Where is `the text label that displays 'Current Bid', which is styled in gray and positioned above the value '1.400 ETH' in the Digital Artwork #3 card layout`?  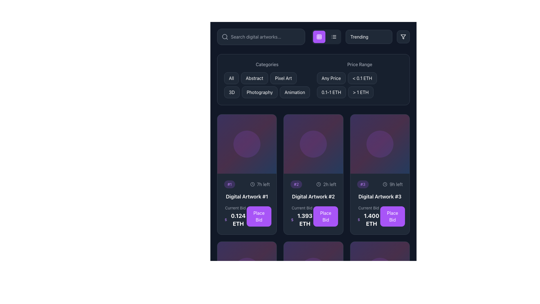 the text label that displays 'Current Bid', which is styled in gray and positioned above the value '1.400 ETH' in the Digital Artwork #3 card layout is located at coordinates (368, 208).